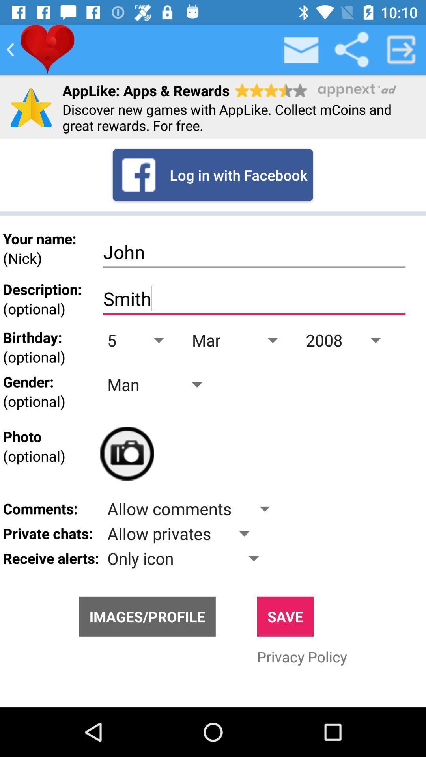 The height and width of the screenshot is (757, 426). I want to click on phtoto, so click(127, 453).